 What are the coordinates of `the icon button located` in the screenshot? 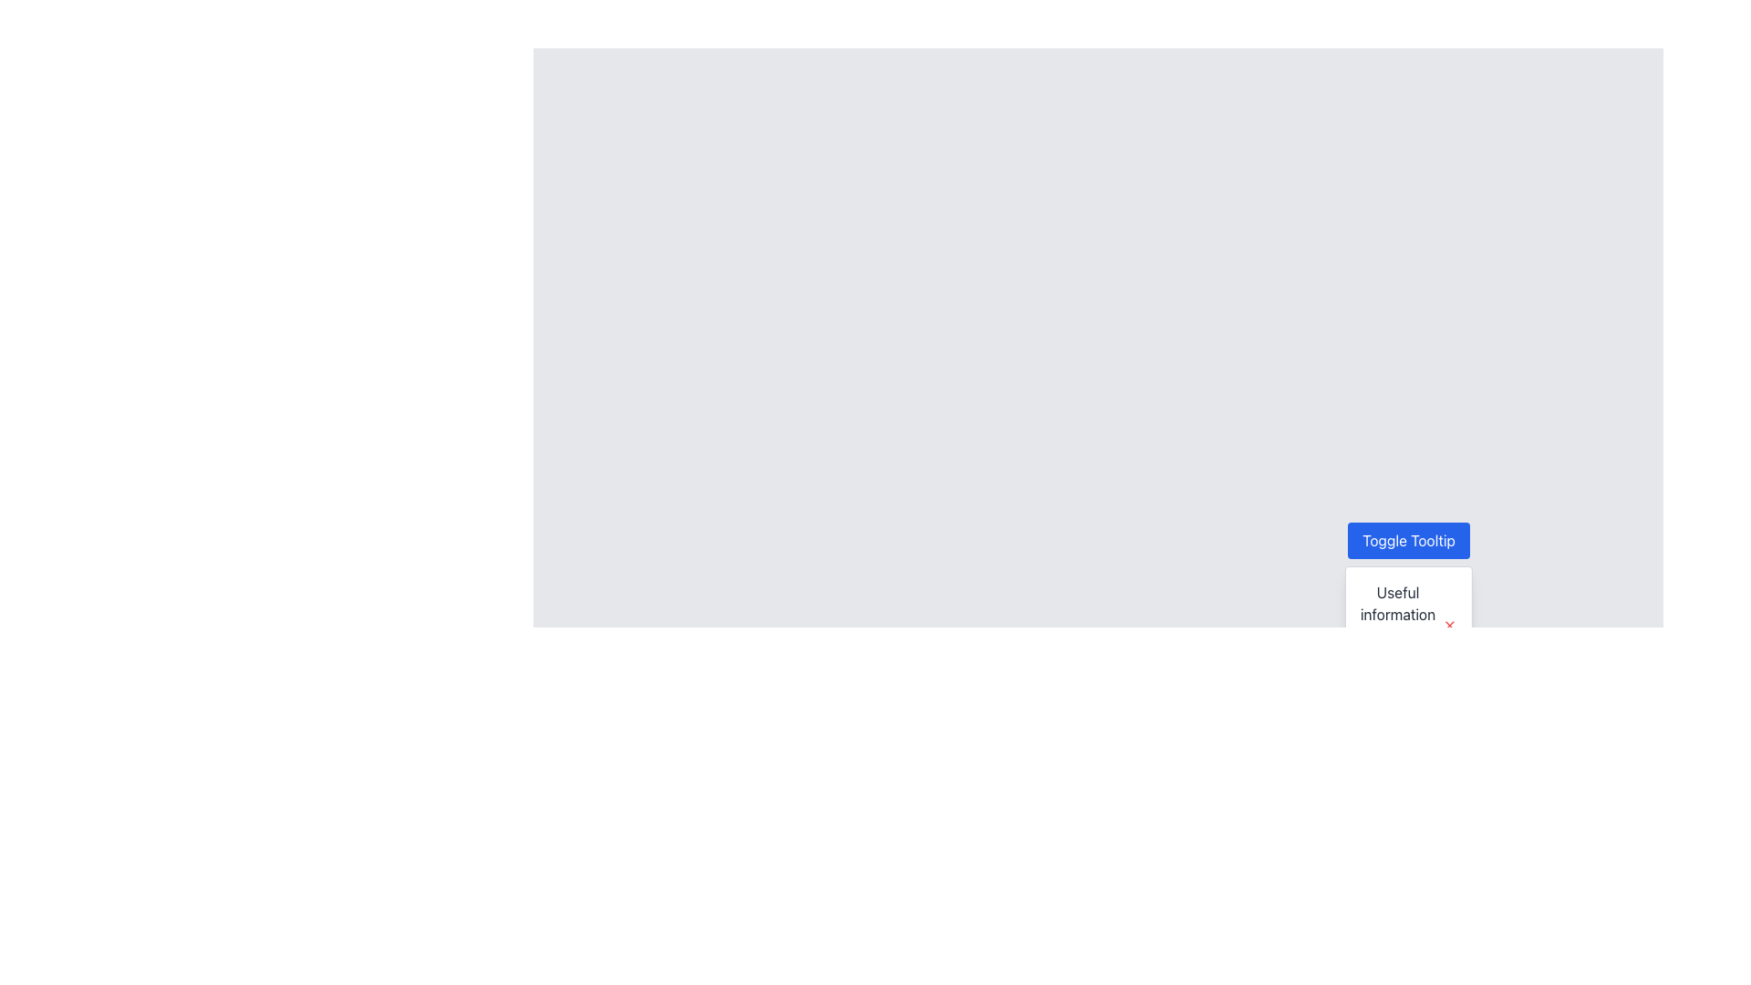 It's located at (1448, 625).